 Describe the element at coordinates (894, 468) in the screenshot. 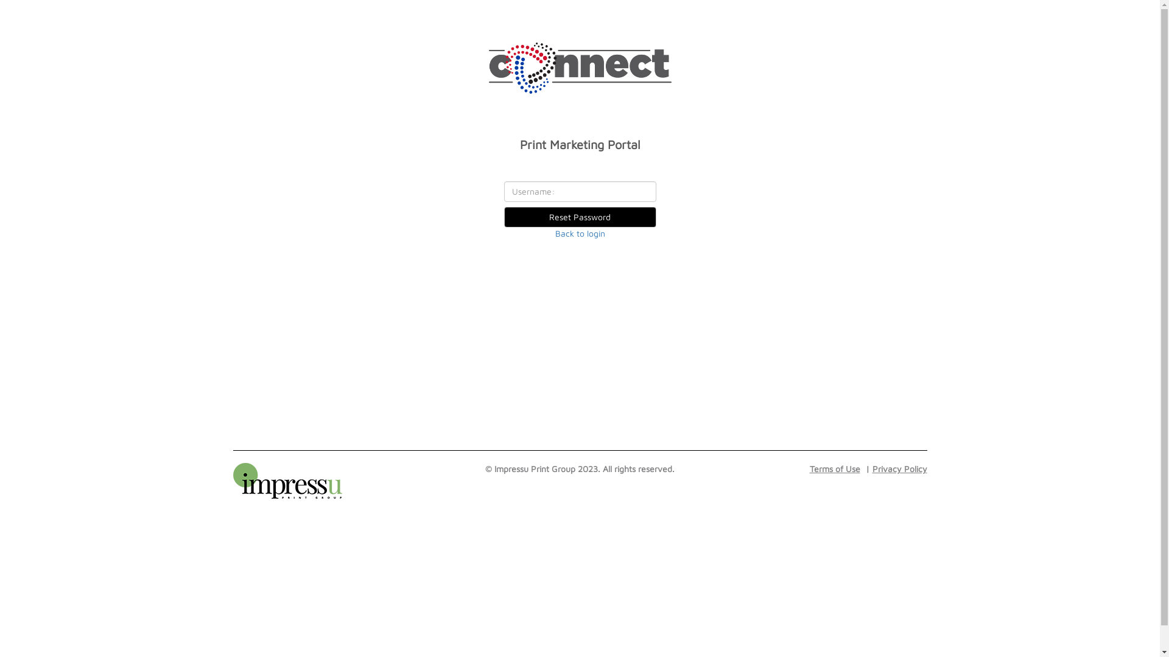

I see `'Privacy Policy'` at that location.